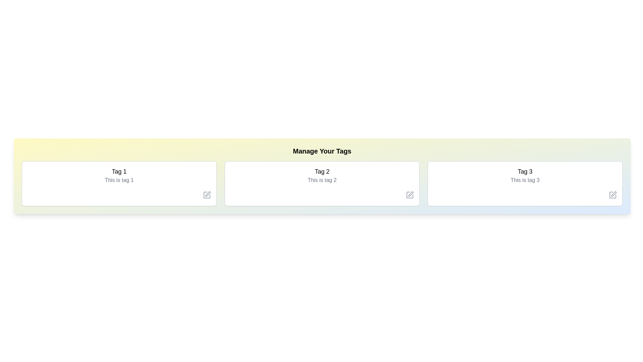 This screenshot has width=643, height=362. What do you see at coordinates (119, 180) in the screenshot?
I see `the description text of the tag labeled 'Tag 1'` at bounding box center [119, 180].